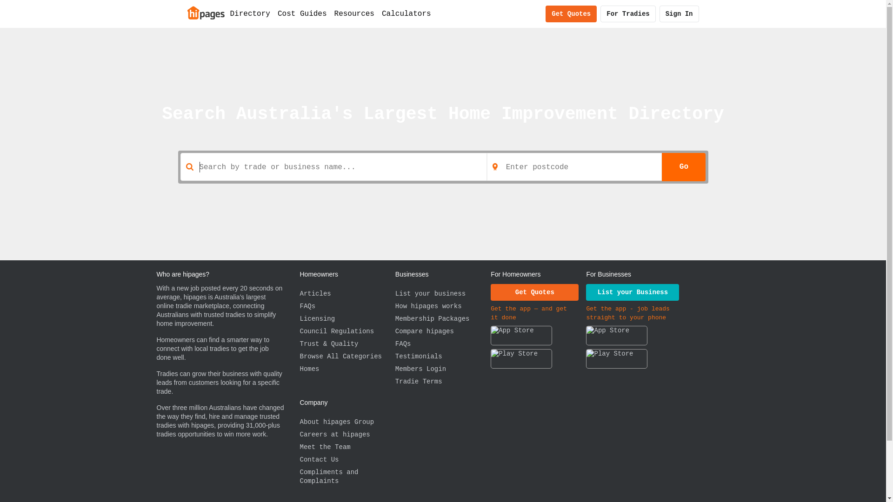 This screenshot has width=893, height=502. What do you see at coordinates (395, 369) in the screenshot?
I see `'Members Login'` at bounding box center [395, 369].